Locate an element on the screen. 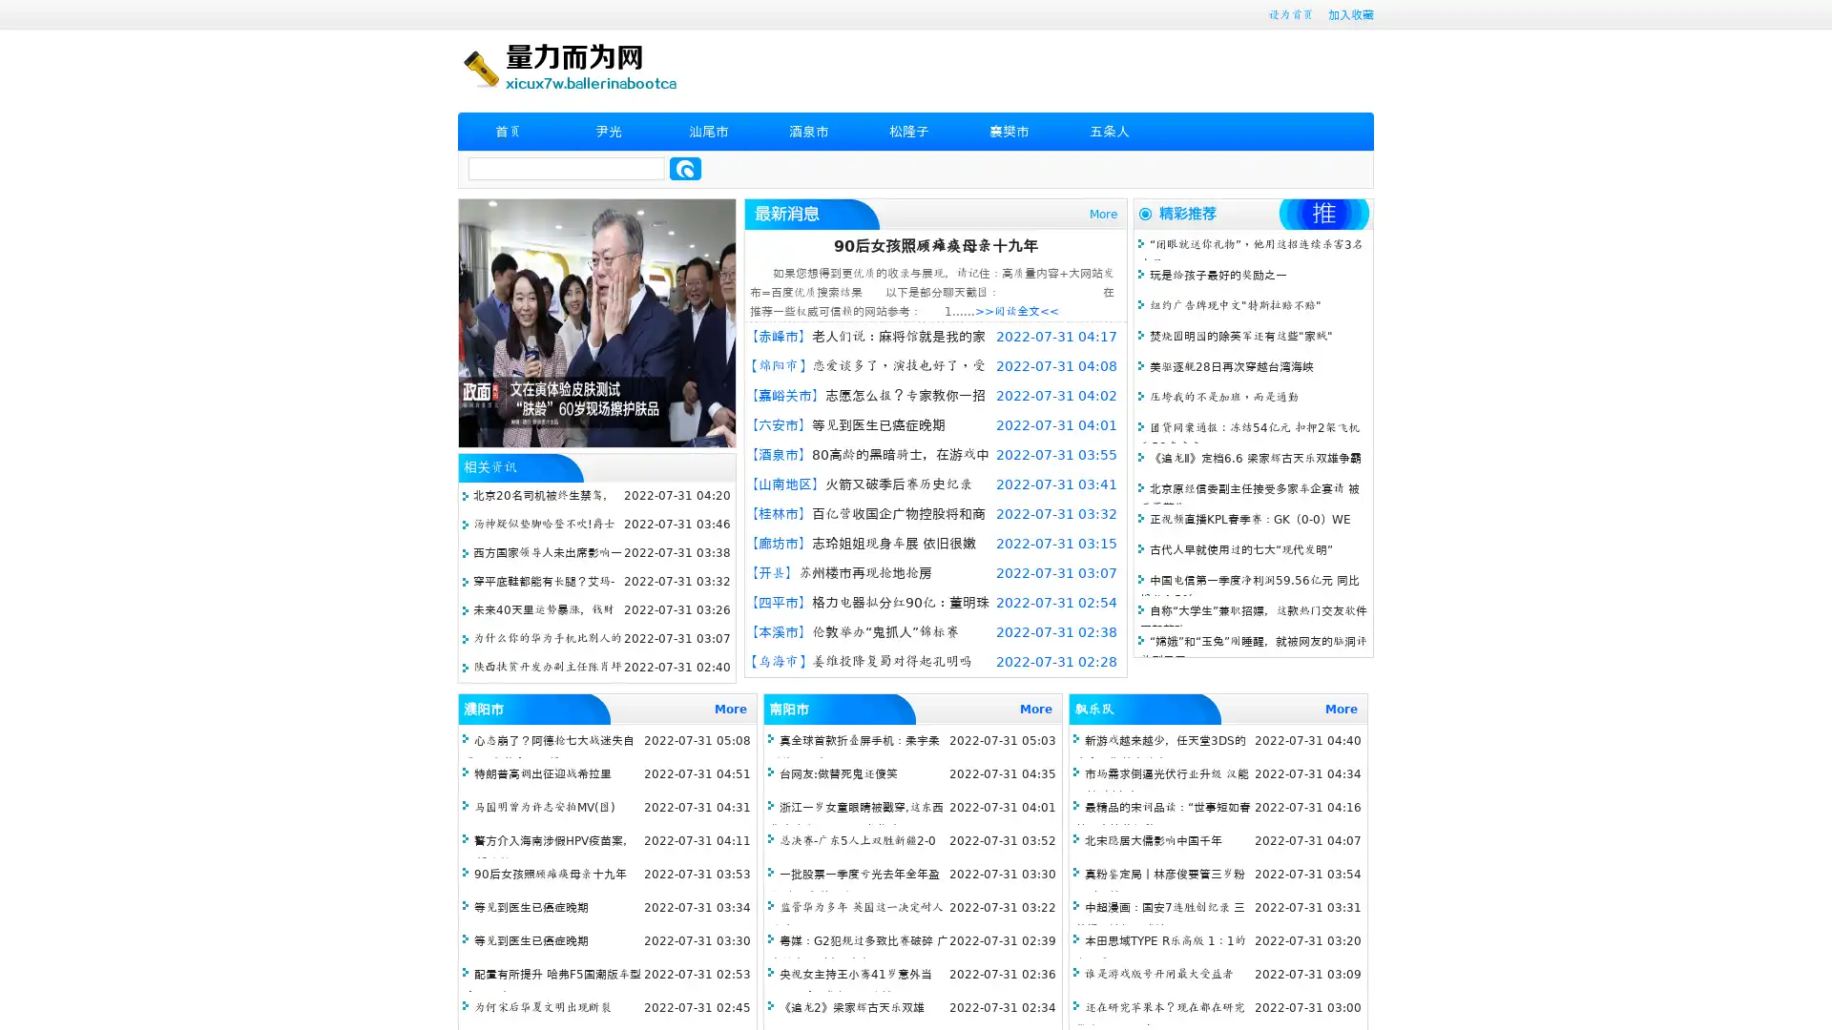 This screenshot has height=1030, width=1832. Search is located at coordinates (685, 168).